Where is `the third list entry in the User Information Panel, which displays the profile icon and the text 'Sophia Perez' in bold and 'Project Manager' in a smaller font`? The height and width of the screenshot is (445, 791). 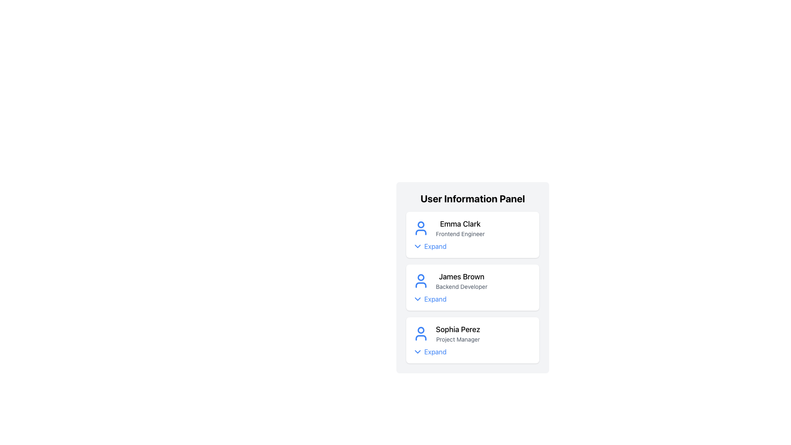
the third list entry in the User Information Panel, which displays the profile icon and the text 'Sophia Perez' in bold and 'Project Manager' in a smaller font is located at coordinates (473, 334).